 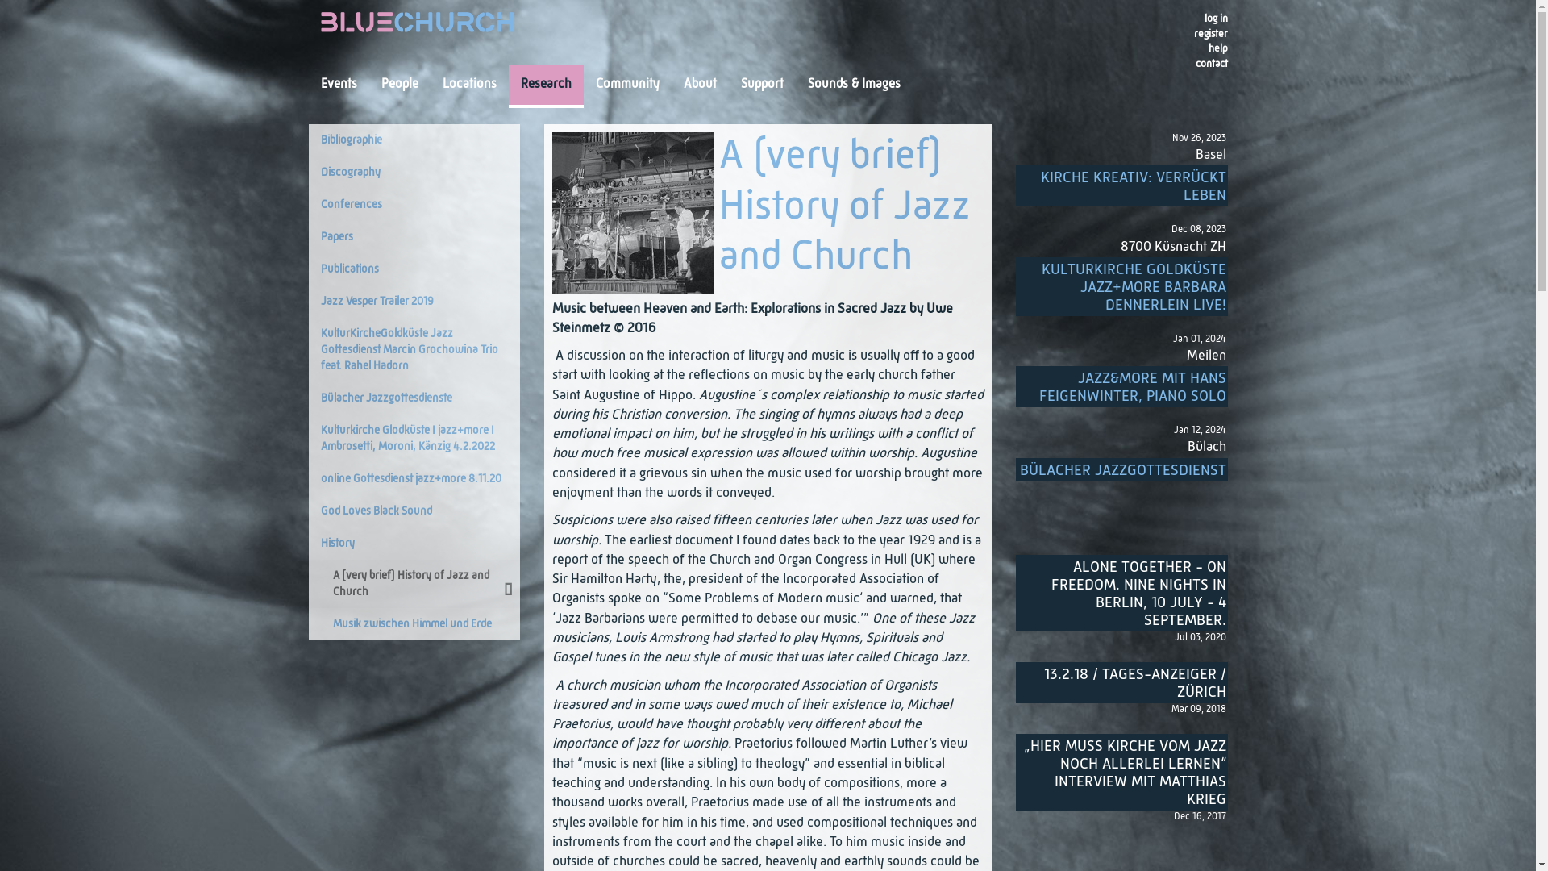 I want to click on 'Papers', so click(x=414, y=236).